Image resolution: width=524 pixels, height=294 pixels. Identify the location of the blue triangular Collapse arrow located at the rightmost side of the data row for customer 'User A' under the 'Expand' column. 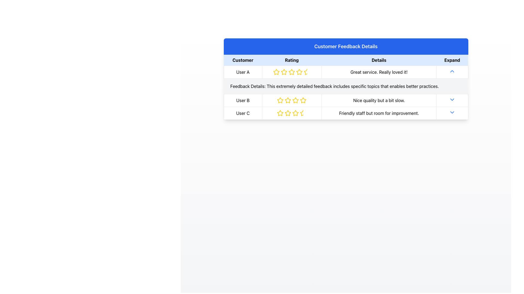
(452, 72).